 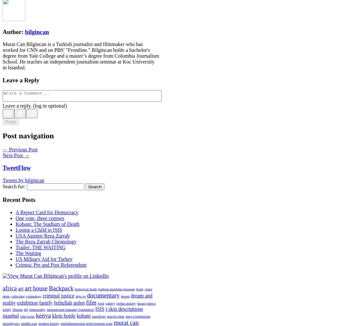 I want to click on 'deja vu', so click(x=80, y=296).